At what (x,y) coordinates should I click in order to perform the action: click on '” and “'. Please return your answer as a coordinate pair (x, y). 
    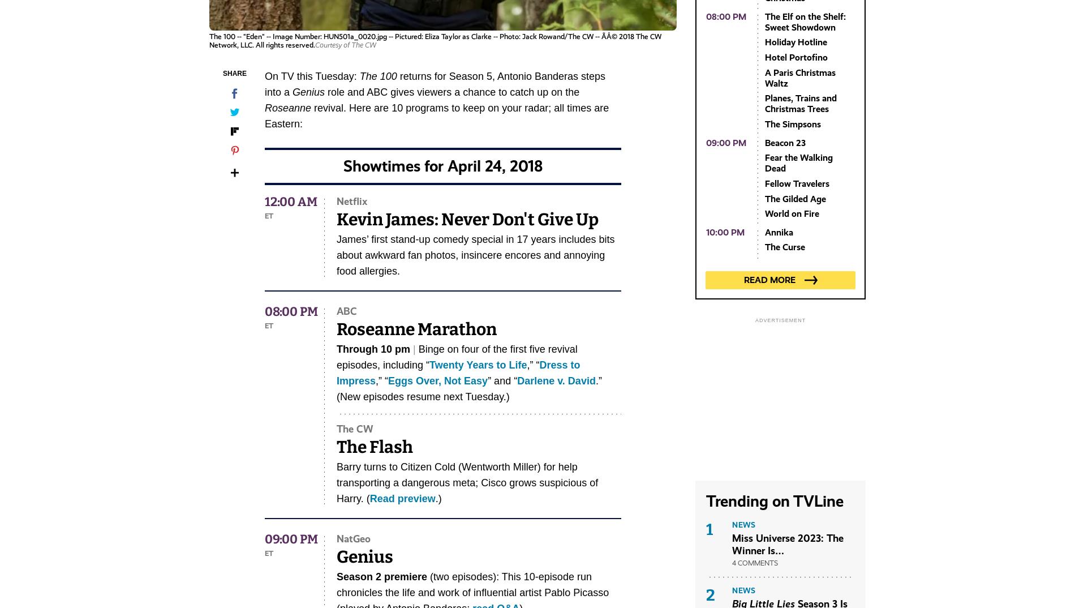
    Looking at the image, I should click on (487, 380).